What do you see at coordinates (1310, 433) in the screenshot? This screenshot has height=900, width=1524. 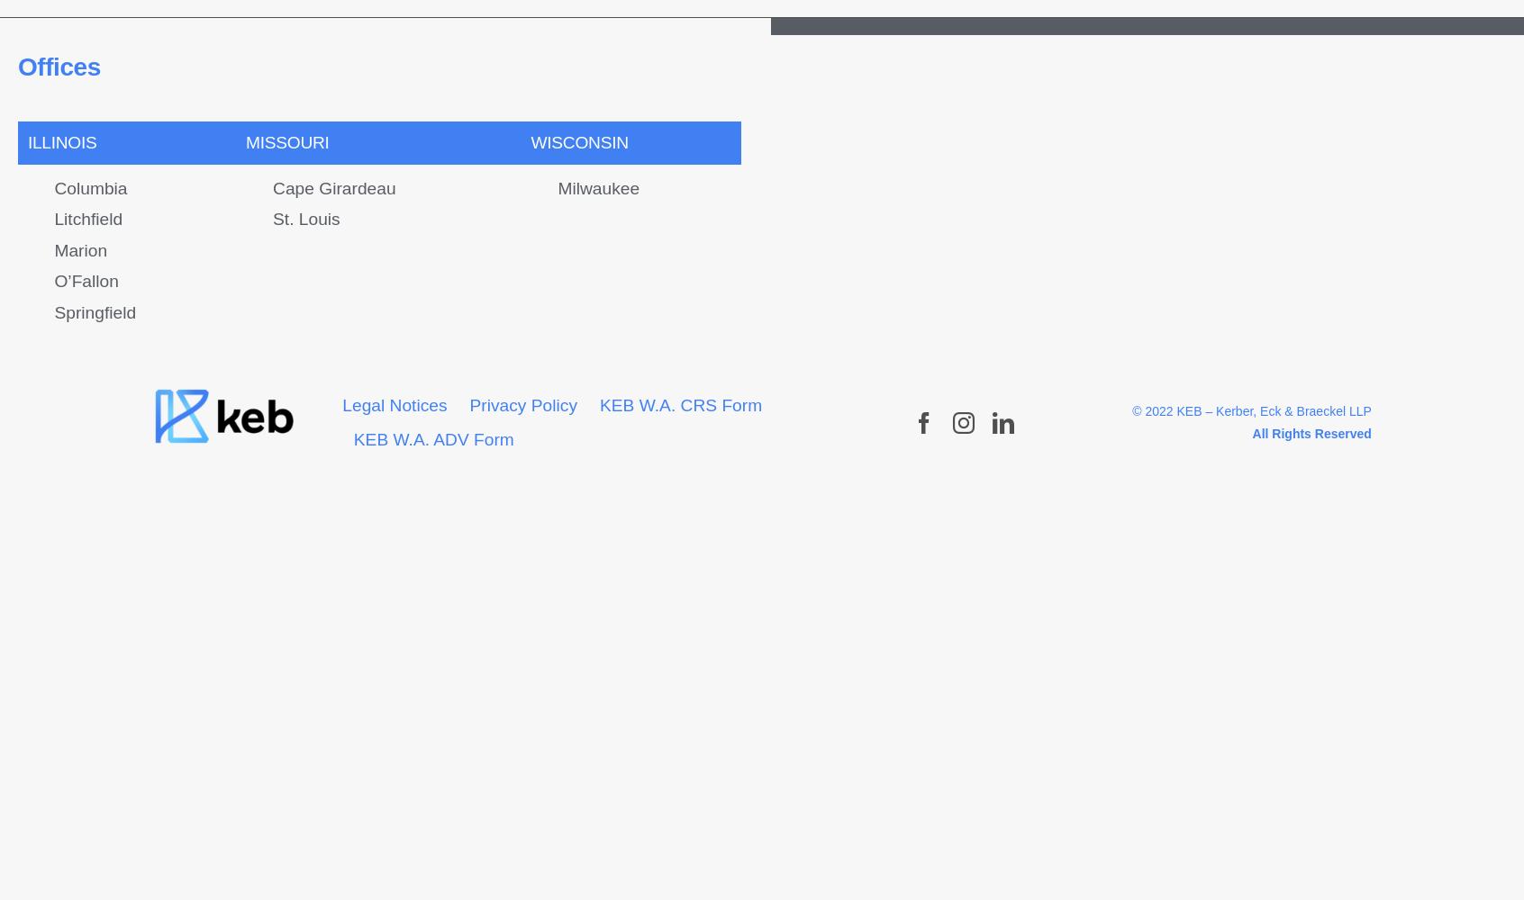 I see `'All Rights Reserved'` at bounding box center [1310, 433].